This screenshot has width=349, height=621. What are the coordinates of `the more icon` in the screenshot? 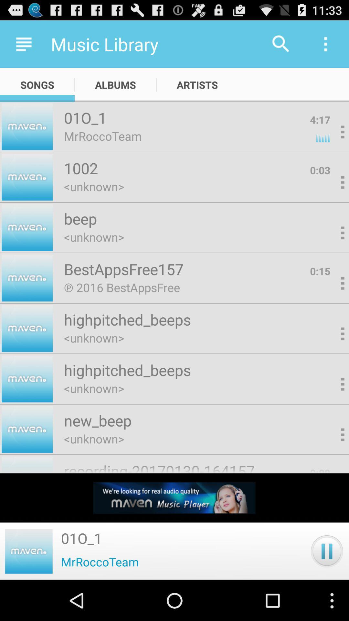 It's located at (332, 249).